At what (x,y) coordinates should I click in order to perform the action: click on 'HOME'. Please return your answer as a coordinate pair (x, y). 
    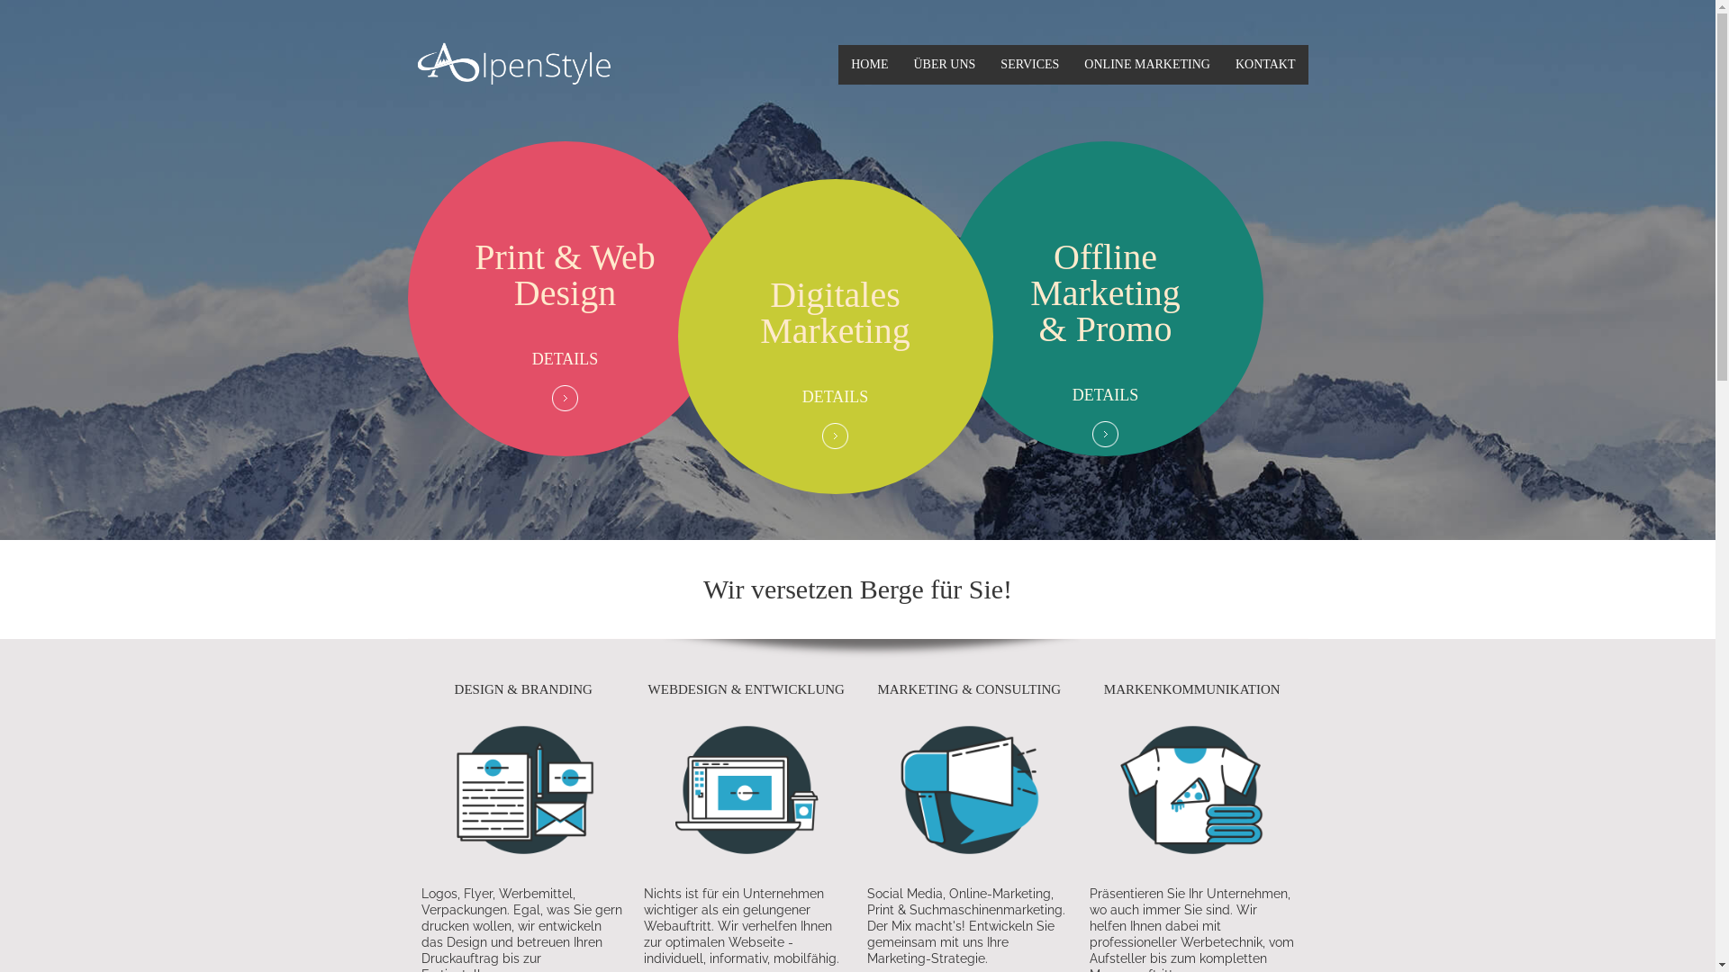
    Looking at the image, I should click on (837, 64).